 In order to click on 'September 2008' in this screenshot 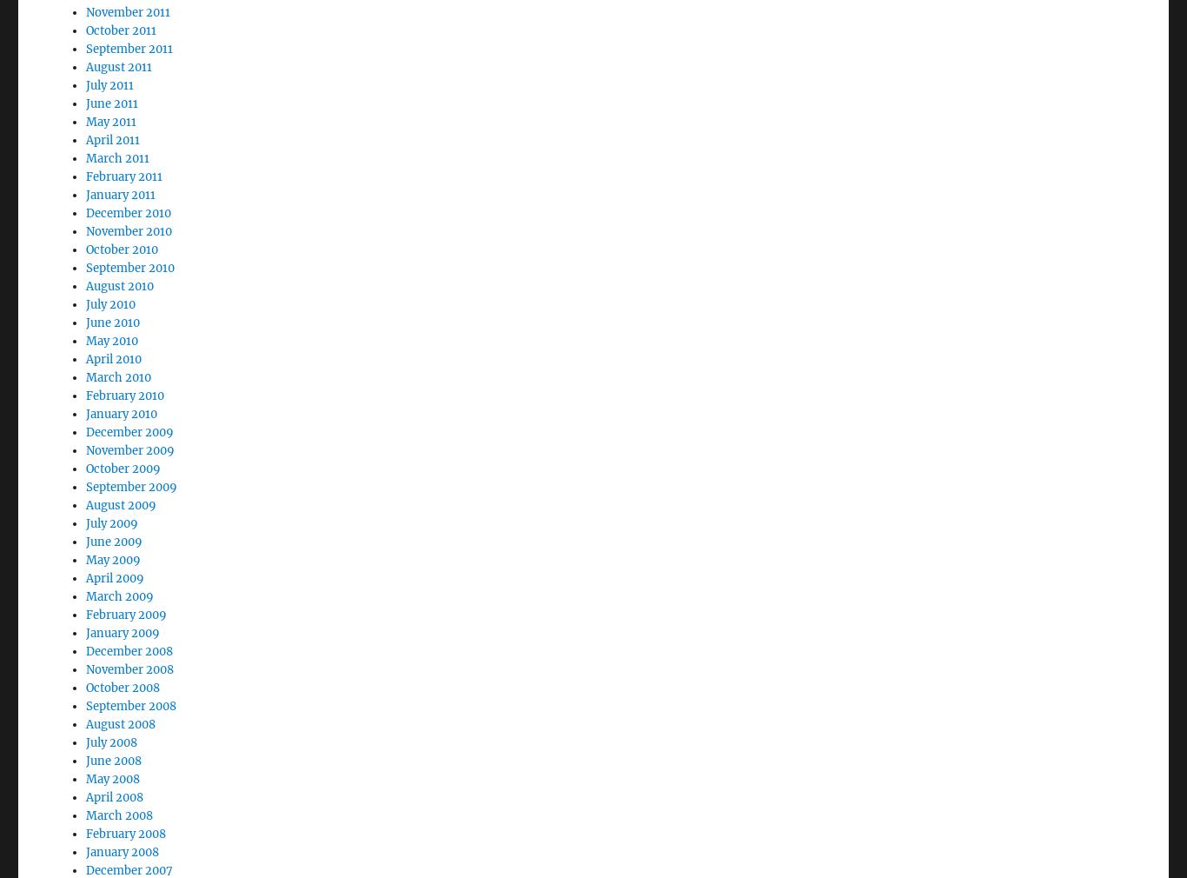, I will do `click(129, 657)`.